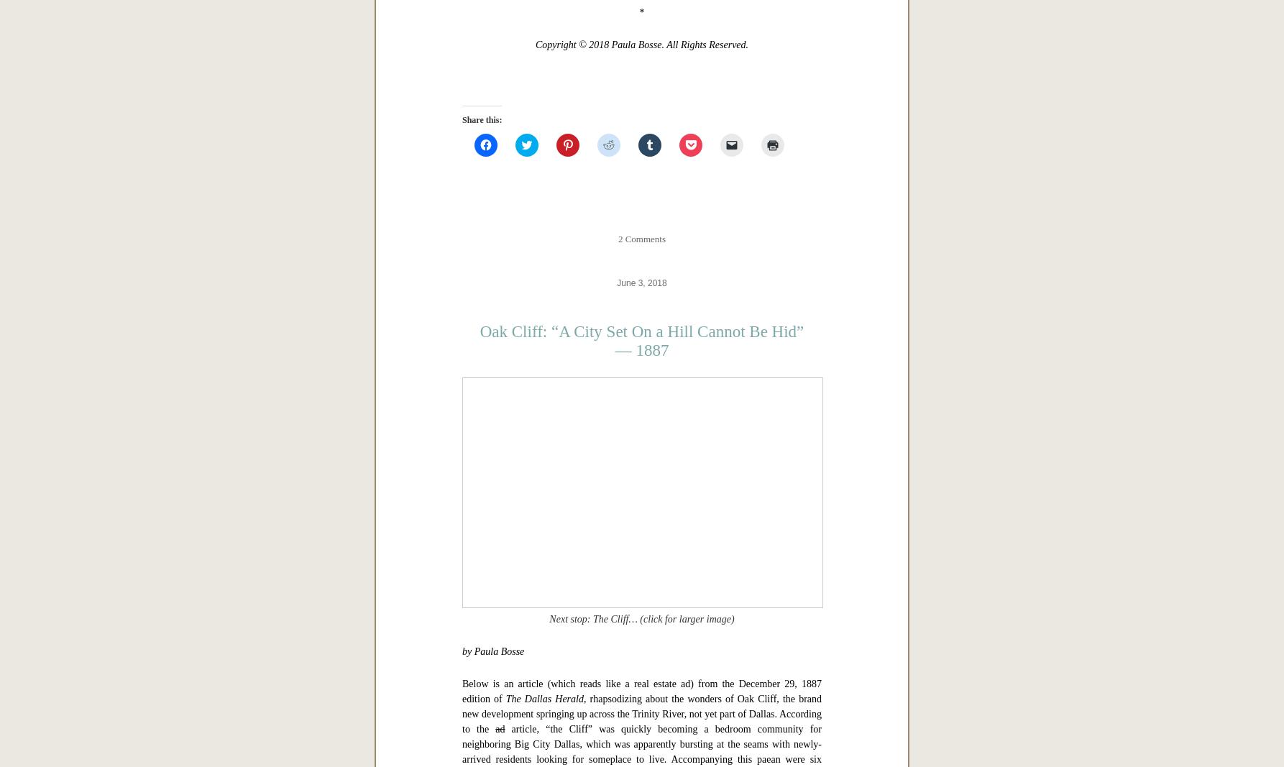 This screenshot has height=767, width=1284. What do you see at coordinates (650, 351) in the screenshot?
I see `'“Dallas in ‘The Western Architect,’ 1914: Skyscrapers and Other Sources of Civic Pride”'` at bounding box center [650, 351].